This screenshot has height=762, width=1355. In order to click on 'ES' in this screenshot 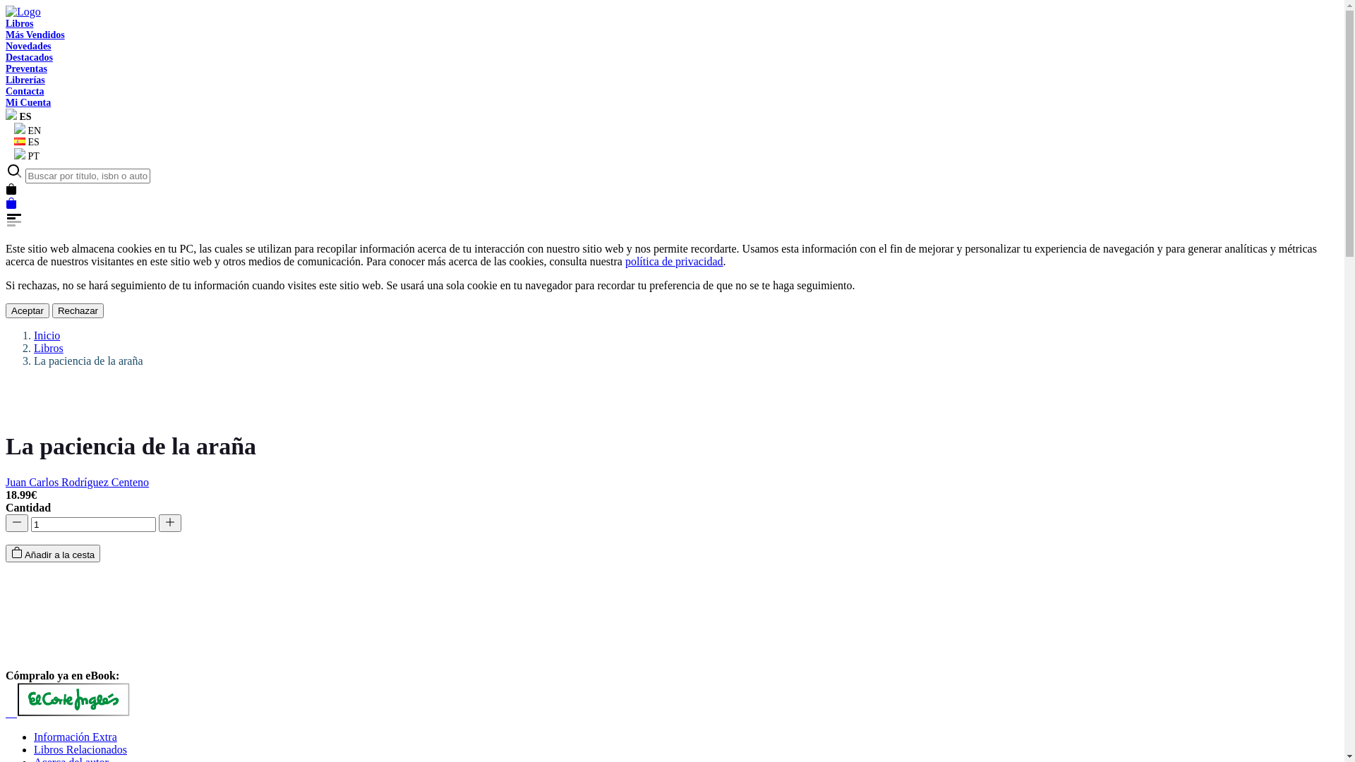, I will do `click(23, 142)`.